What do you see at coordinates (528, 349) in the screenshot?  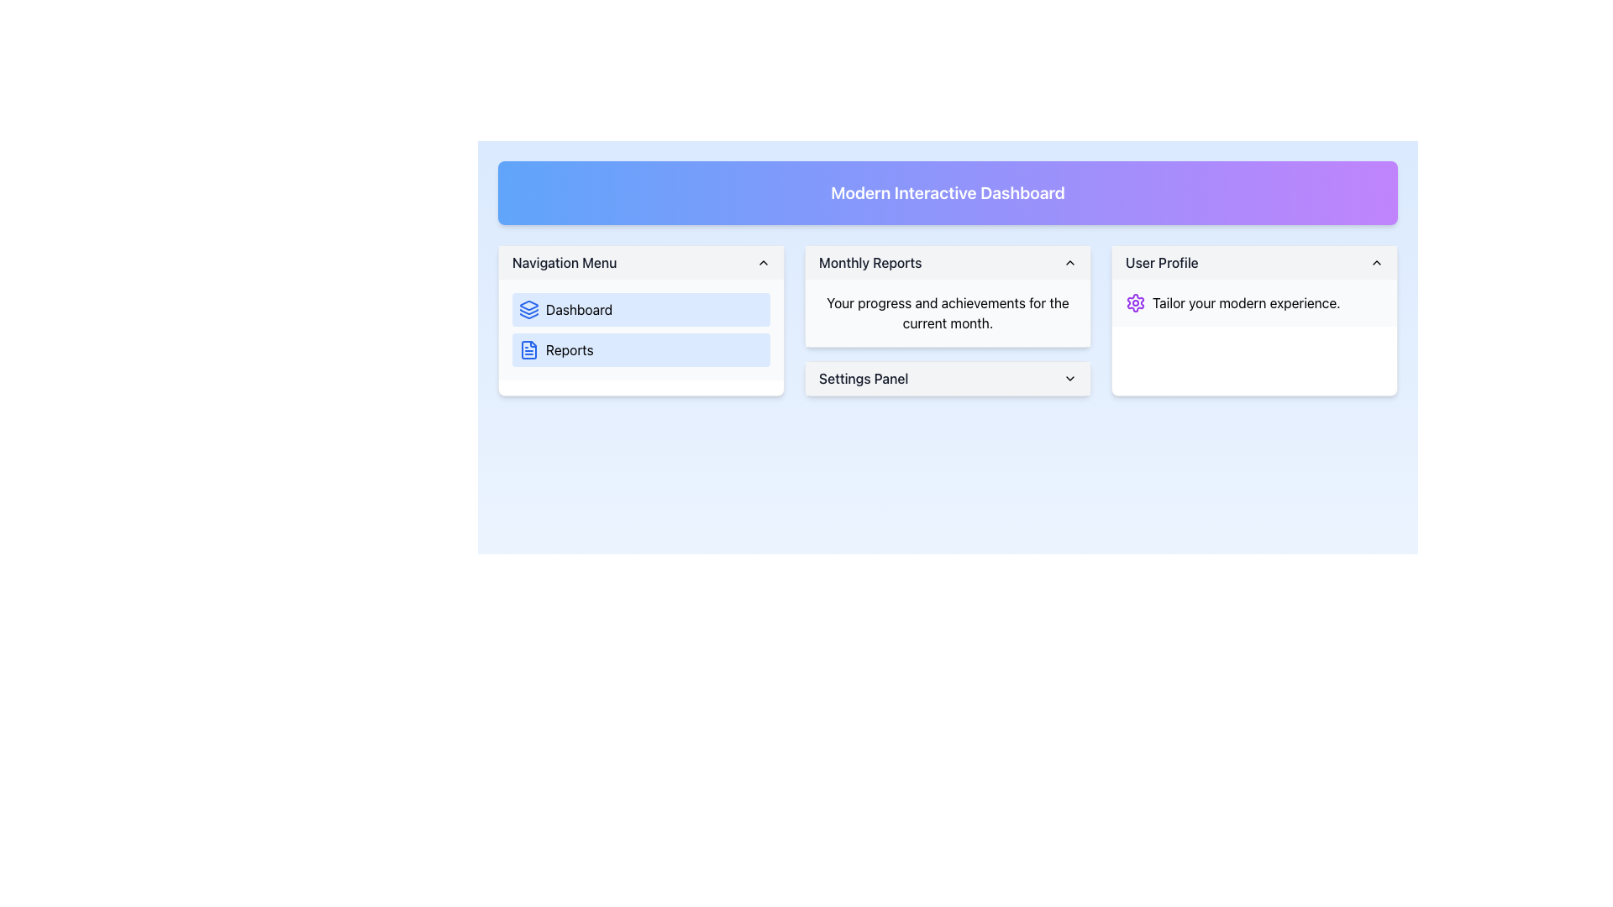 I see `the document icon with a blue outline located next to the text 'Reports' in the Navigation Menu` at bounding box center [528, 349].